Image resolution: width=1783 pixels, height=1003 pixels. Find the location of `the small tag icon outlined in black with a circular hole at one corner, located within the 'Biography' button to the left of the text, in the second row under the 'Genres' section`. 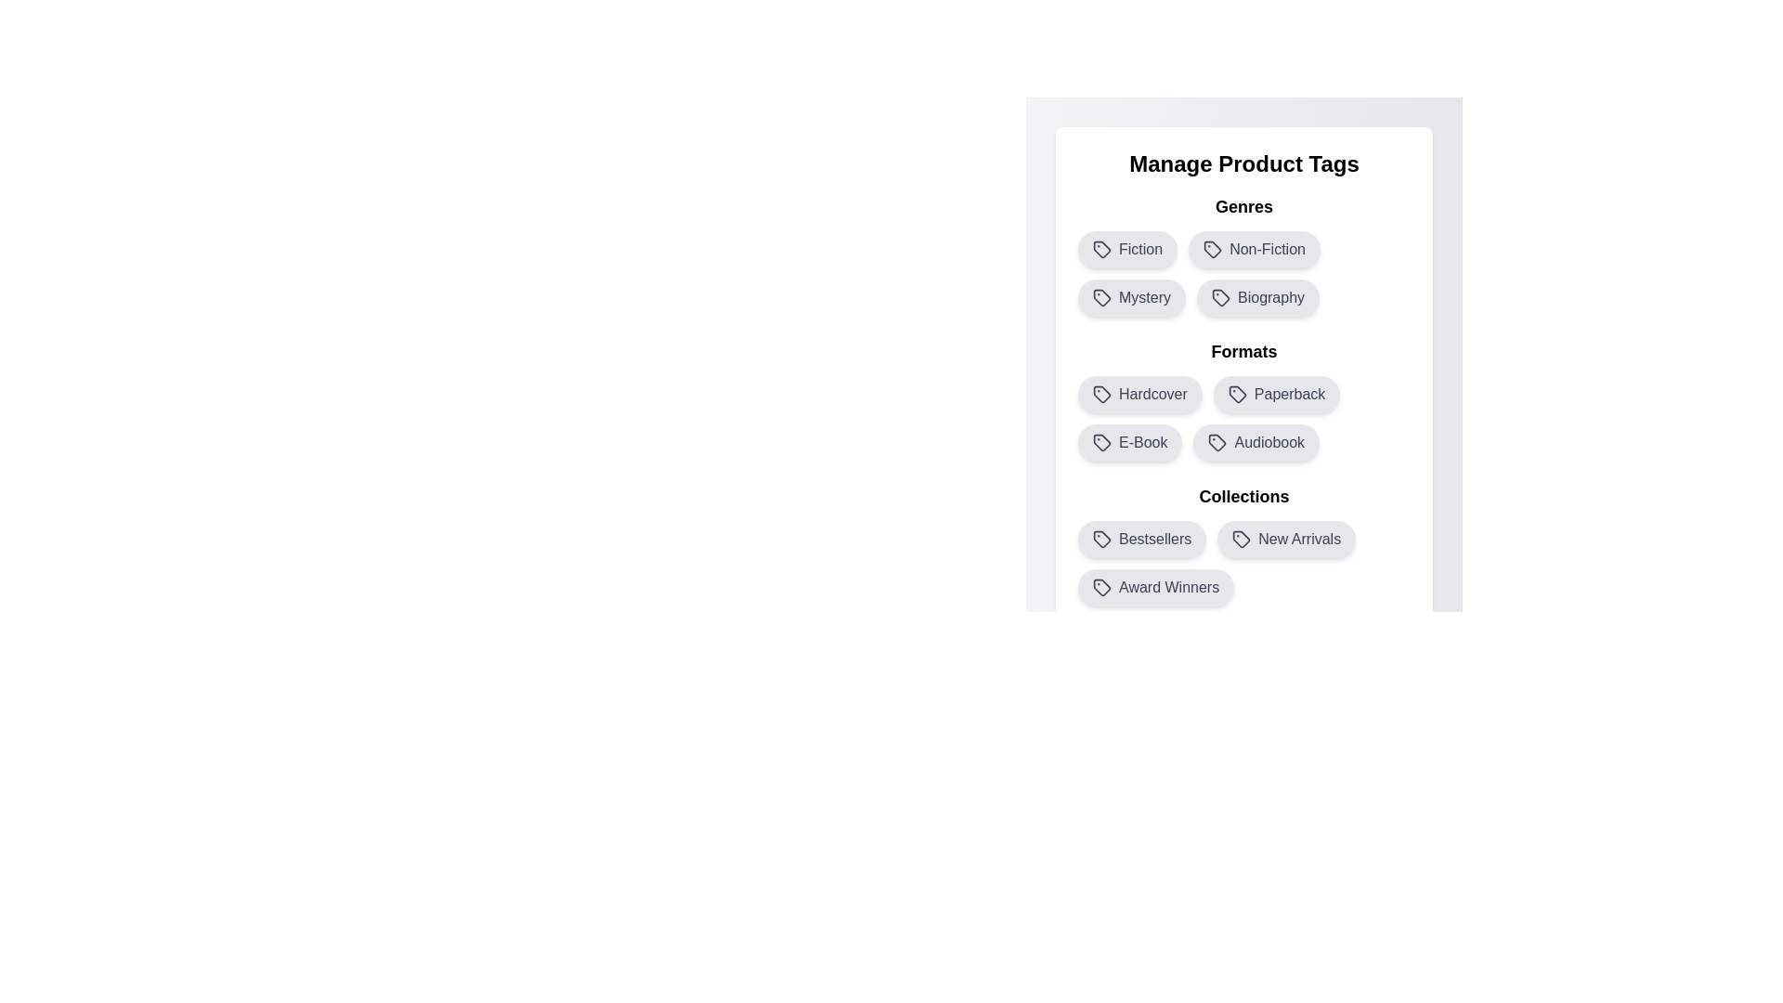

the small tag icon outlined in black with a circular hole at one corner, located within the 'Biography' button to the left of the text, in the second row under the 'Genres' section is located at coordinates (1221, 296).